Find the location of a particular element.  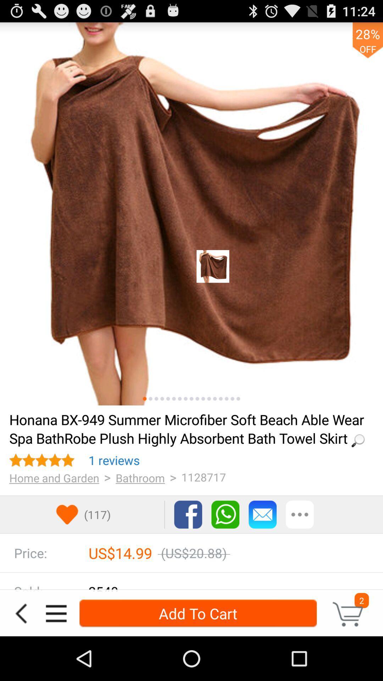

the icon above the loading... is located at coordinates (144, 399).